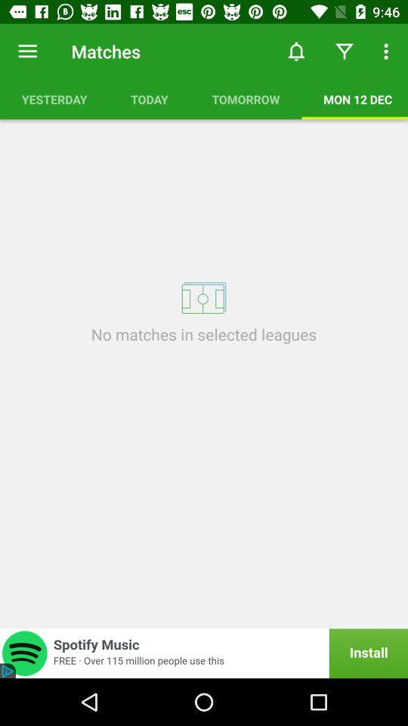 The image size is (408, 726). I want to click on the today item, so click(150, 98).